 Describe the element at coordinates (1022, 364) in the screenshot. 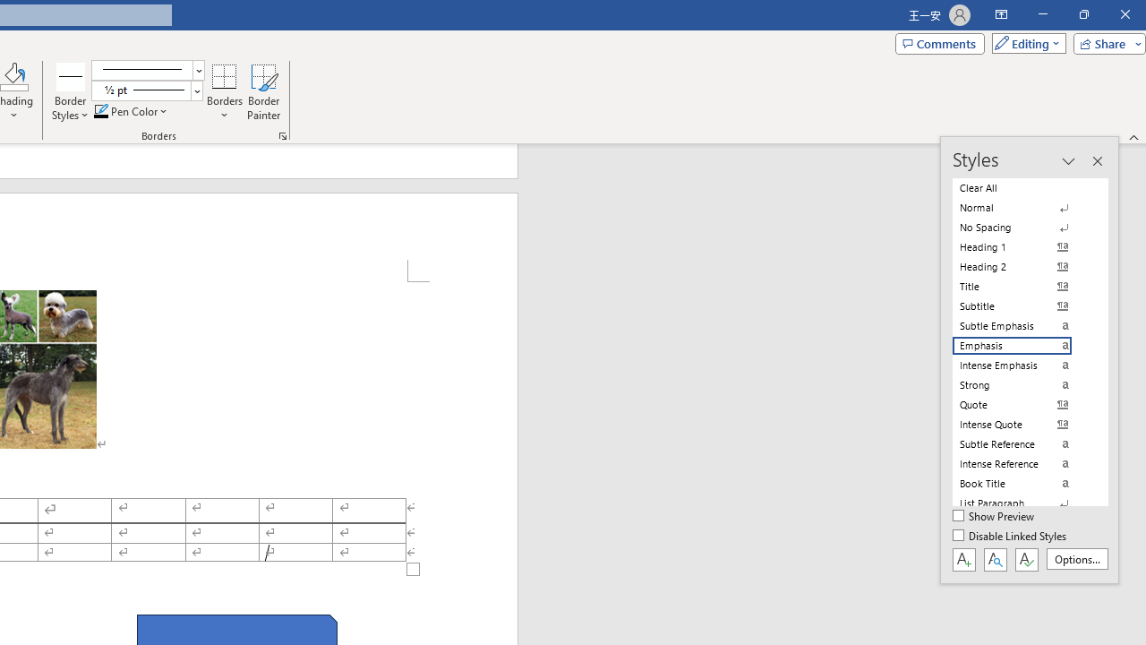

I see `'Intense Emphasis'` at that location.